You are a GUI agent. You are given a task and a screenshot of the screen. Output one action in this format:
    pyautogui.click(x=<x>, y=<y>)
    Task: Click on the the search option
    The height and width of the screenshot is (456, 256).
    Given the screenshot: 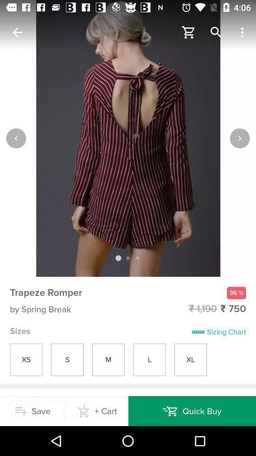 What is the action you would take?
    pyautogui.click(x=216, y=32)
    